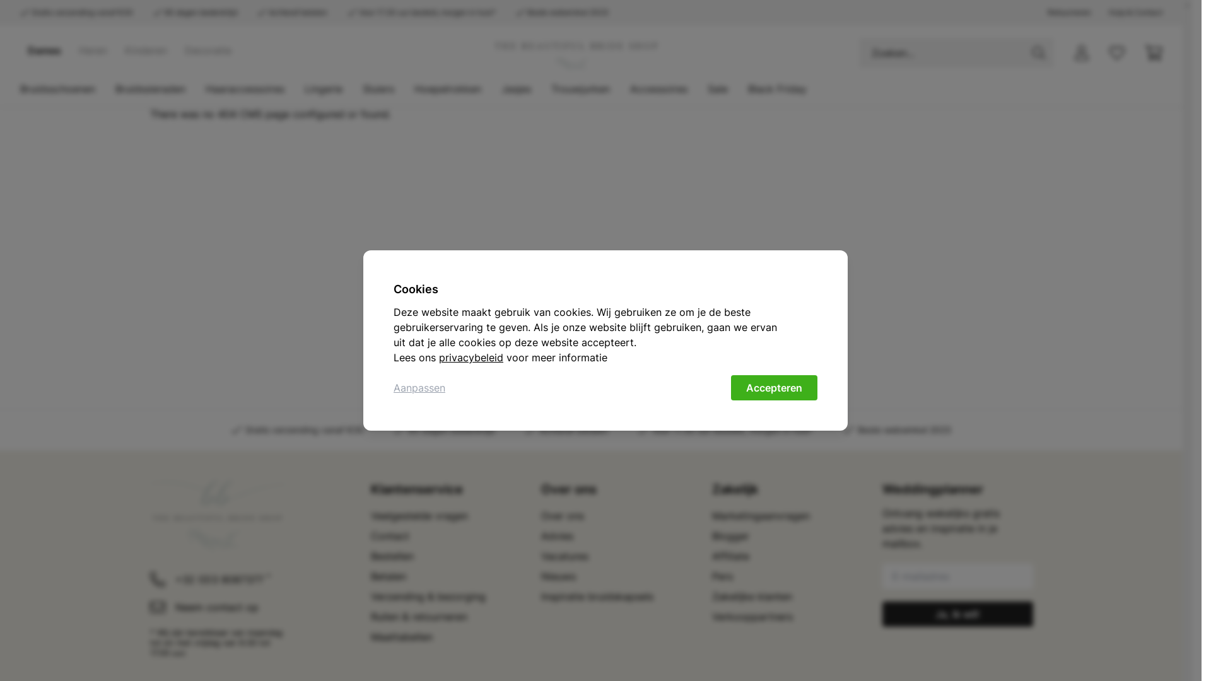  I want to click on 'Contact', so click(370, 535).